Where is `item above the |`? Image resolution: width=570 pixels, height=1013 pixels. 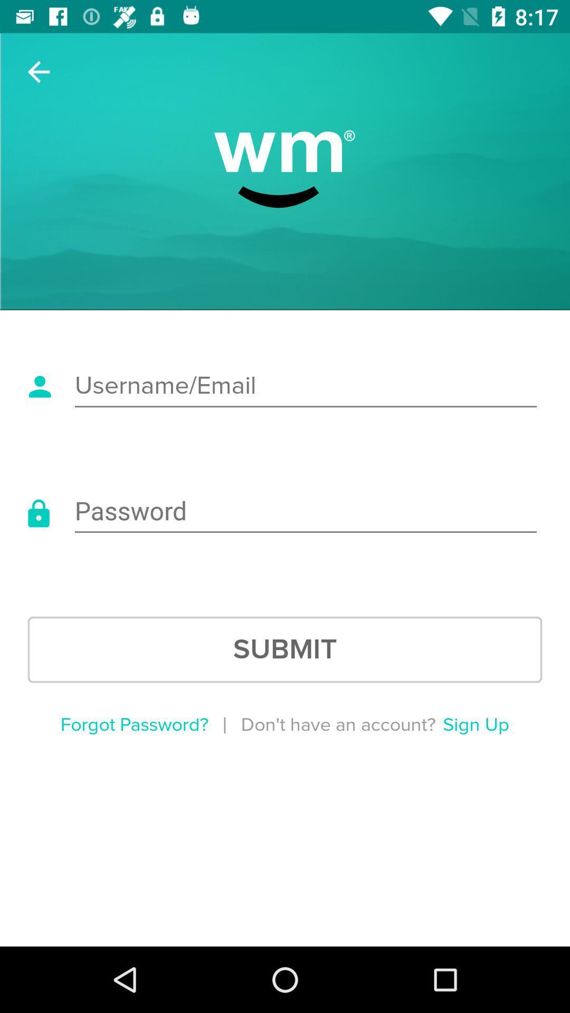
item above the | is located at coordinates (285, 649).